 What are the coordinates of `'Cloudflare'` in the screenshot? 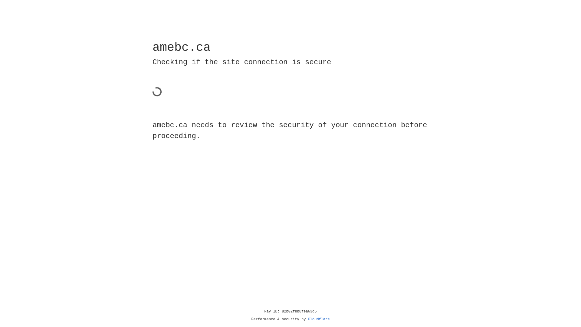 It's located at (308, 319).